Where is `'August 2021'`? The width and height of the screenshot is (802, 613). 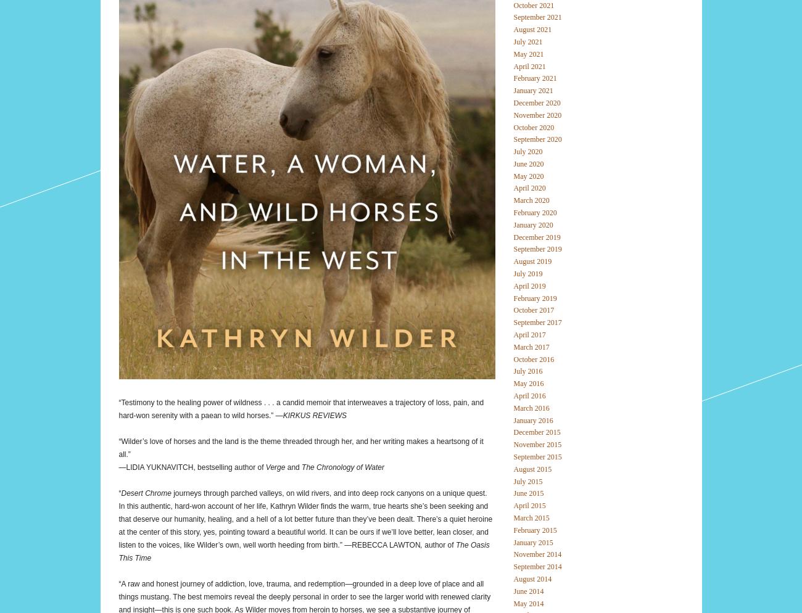 'August 2021' is located at coordinates (532, 29).